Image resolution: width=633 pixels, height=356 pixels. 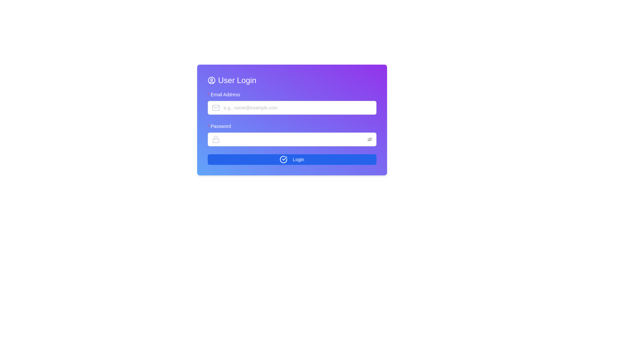 I want to click on the Text label that indicates the purpose of the adjacent input field for entering an email address, located near the top-left corner of the login panel, so click(x=226, y=94).